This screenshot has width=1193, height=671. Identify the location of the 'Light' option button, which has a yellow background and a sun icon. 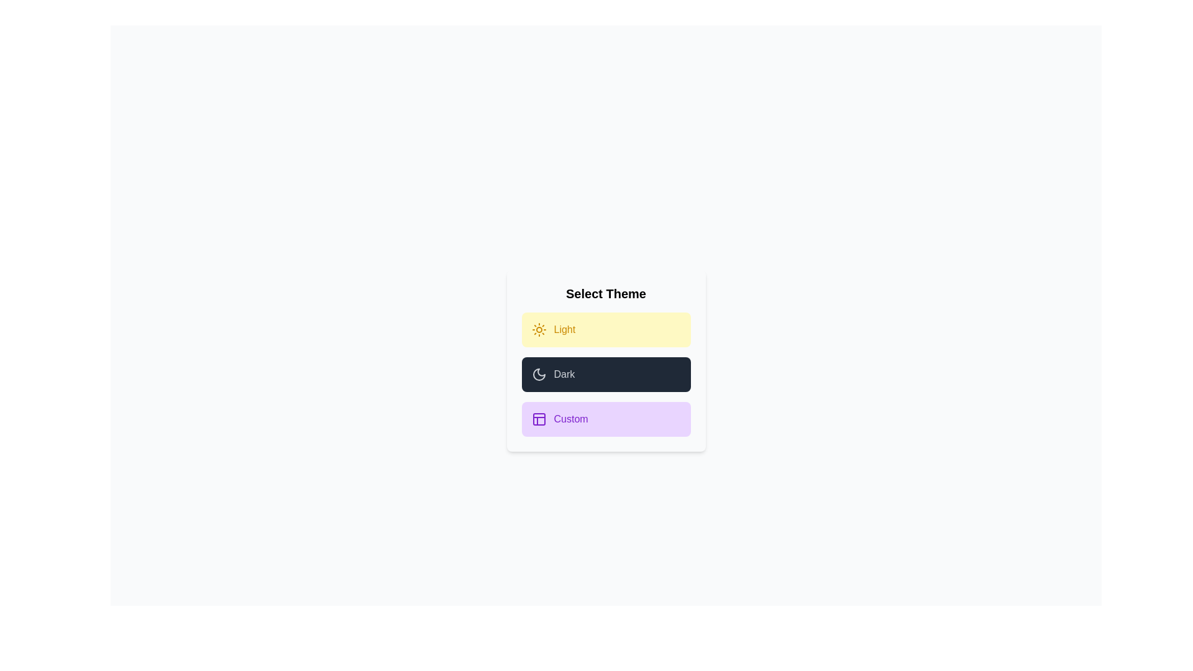
(539, 329).